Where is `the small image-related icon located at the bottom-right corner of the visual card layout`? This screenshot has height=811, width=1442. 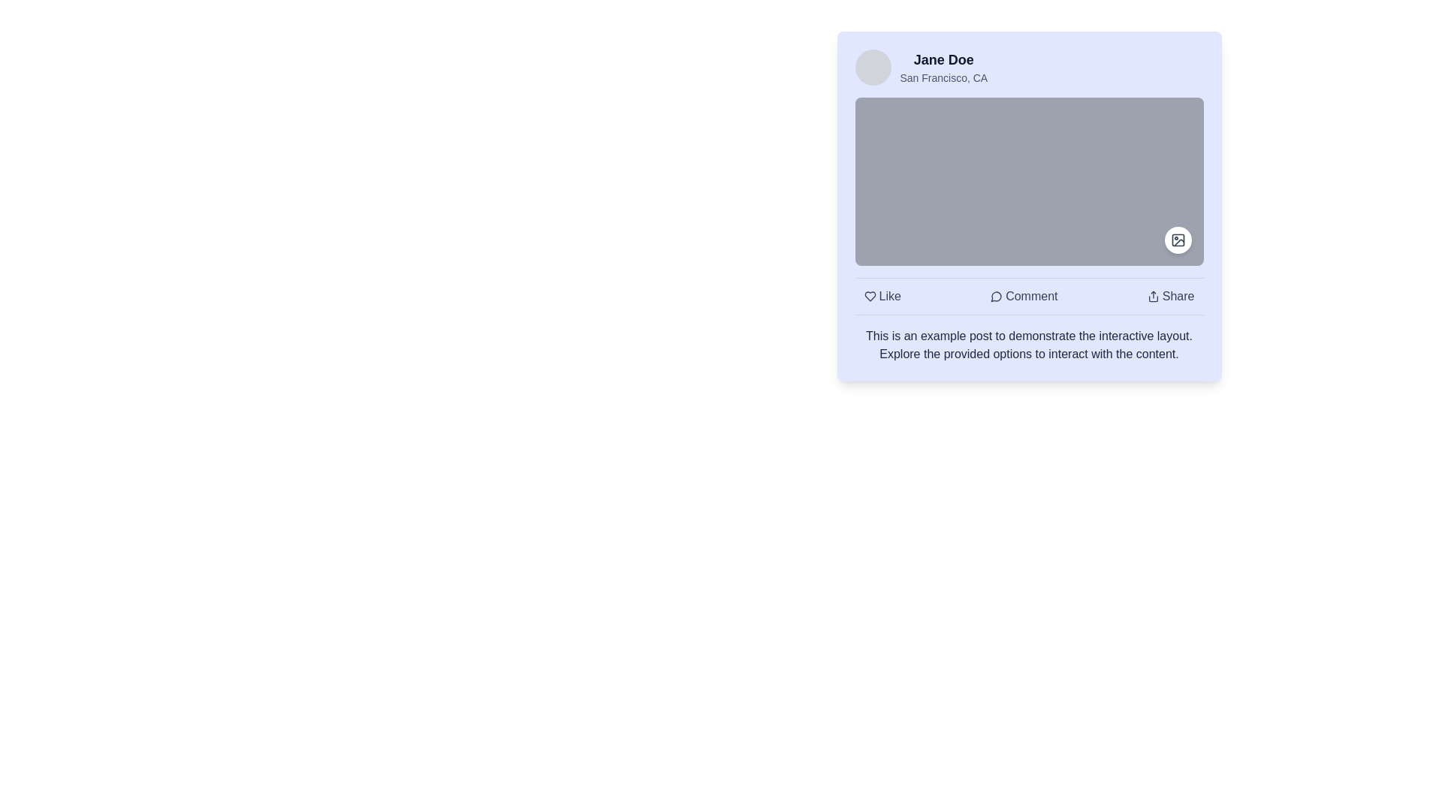 the small image-related icon located at the bottom-right corner of the visual card layout is located at coordinates (1177, 240).